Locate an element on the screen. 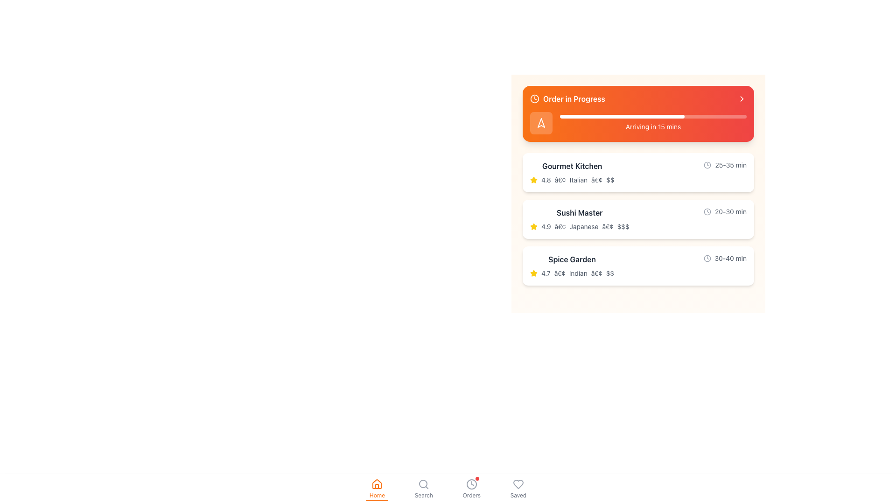  the decorative bullet point symbol ('•') that separates 'Japanese' and '$$$' in the second restaurant entry on the interface is located at coordinates (608, 227).